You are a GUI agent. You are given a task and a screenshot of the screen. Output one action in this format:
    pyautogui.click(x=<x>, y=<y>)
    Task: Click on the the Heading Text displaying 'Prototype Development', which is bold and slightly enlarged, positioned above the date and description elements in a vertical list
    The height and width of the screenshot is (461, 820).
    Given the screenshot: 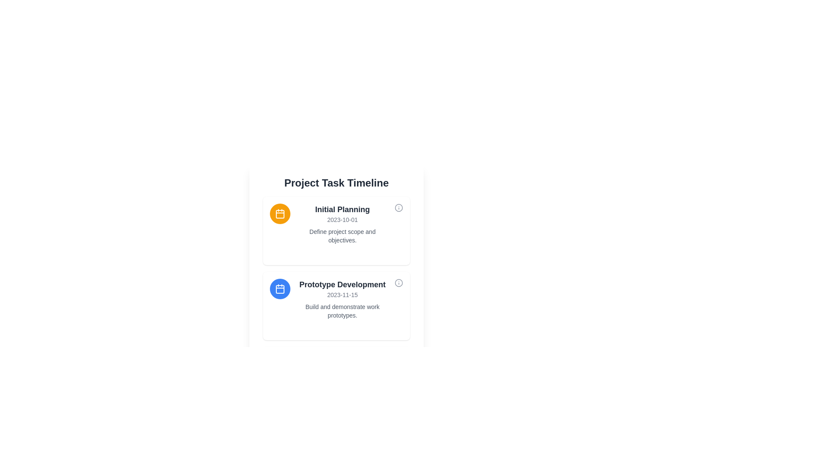 What is the action you would take?
    pyautogui.click(x=342, y=285)
    